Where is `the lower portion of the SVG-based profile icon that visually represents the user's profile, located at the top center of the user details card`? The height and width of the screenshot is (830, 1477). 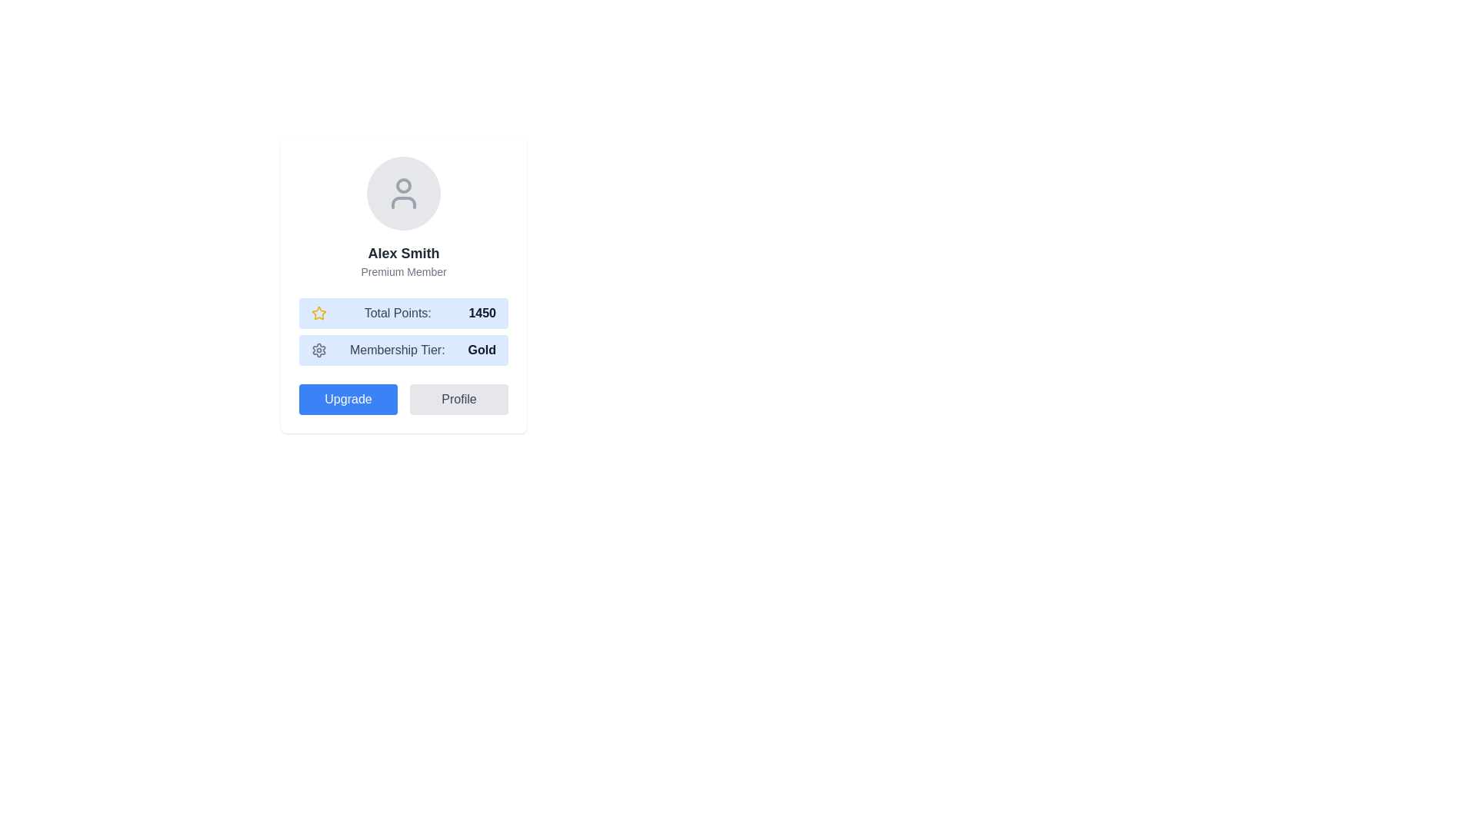
the lower portion of the SVG-based profile icon that visually represents the user's profile, located at the top center of the user details card is located at coordinates (403, 201).